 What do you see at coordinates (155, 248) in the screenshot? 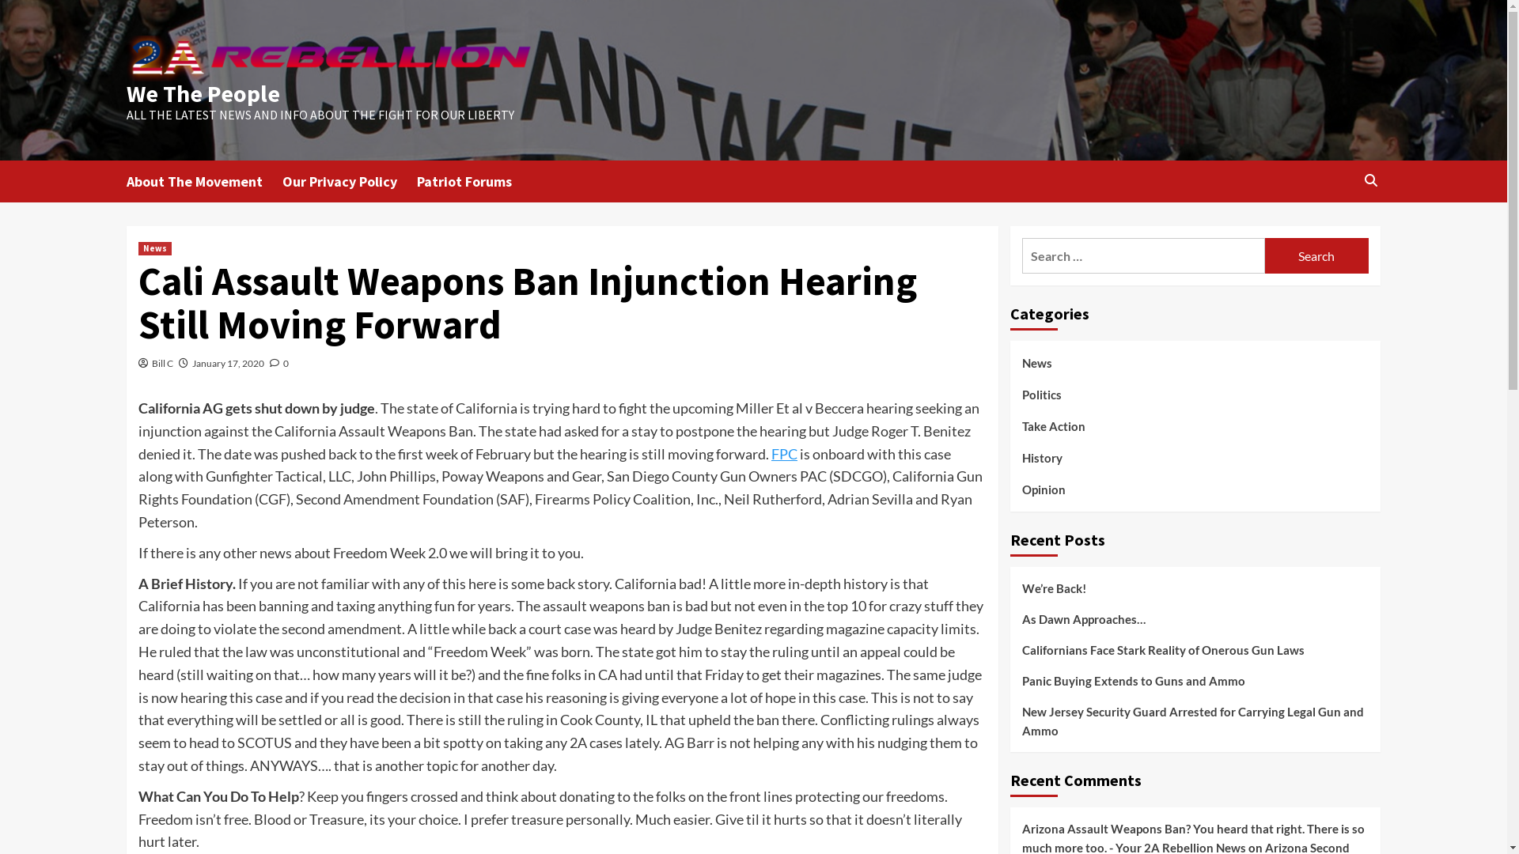
I see `'News'` at bounding box center [155, 248].